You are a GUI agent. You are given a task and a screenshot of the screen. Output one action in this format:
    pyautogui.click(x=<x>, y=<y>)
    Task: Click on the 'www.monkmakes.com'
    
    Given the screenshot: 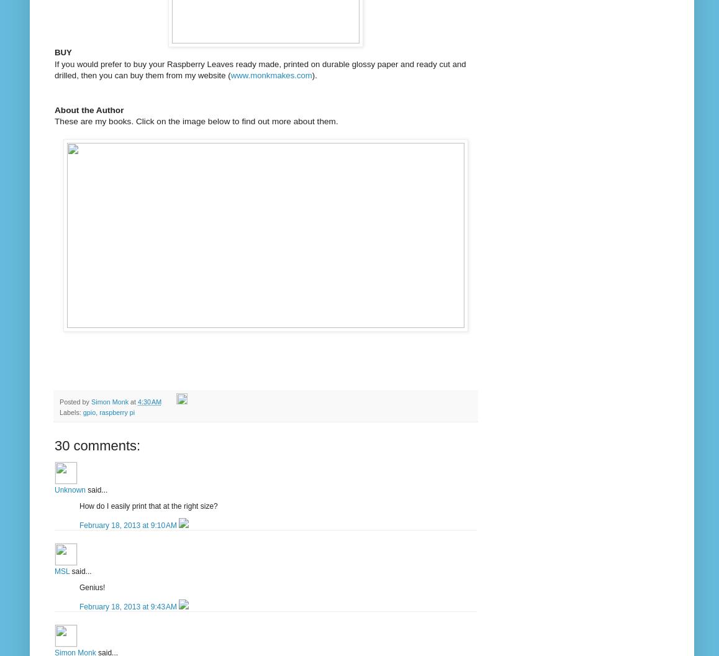 What is the action you would take?
    pyautogui.click(x=271, y=75)
    